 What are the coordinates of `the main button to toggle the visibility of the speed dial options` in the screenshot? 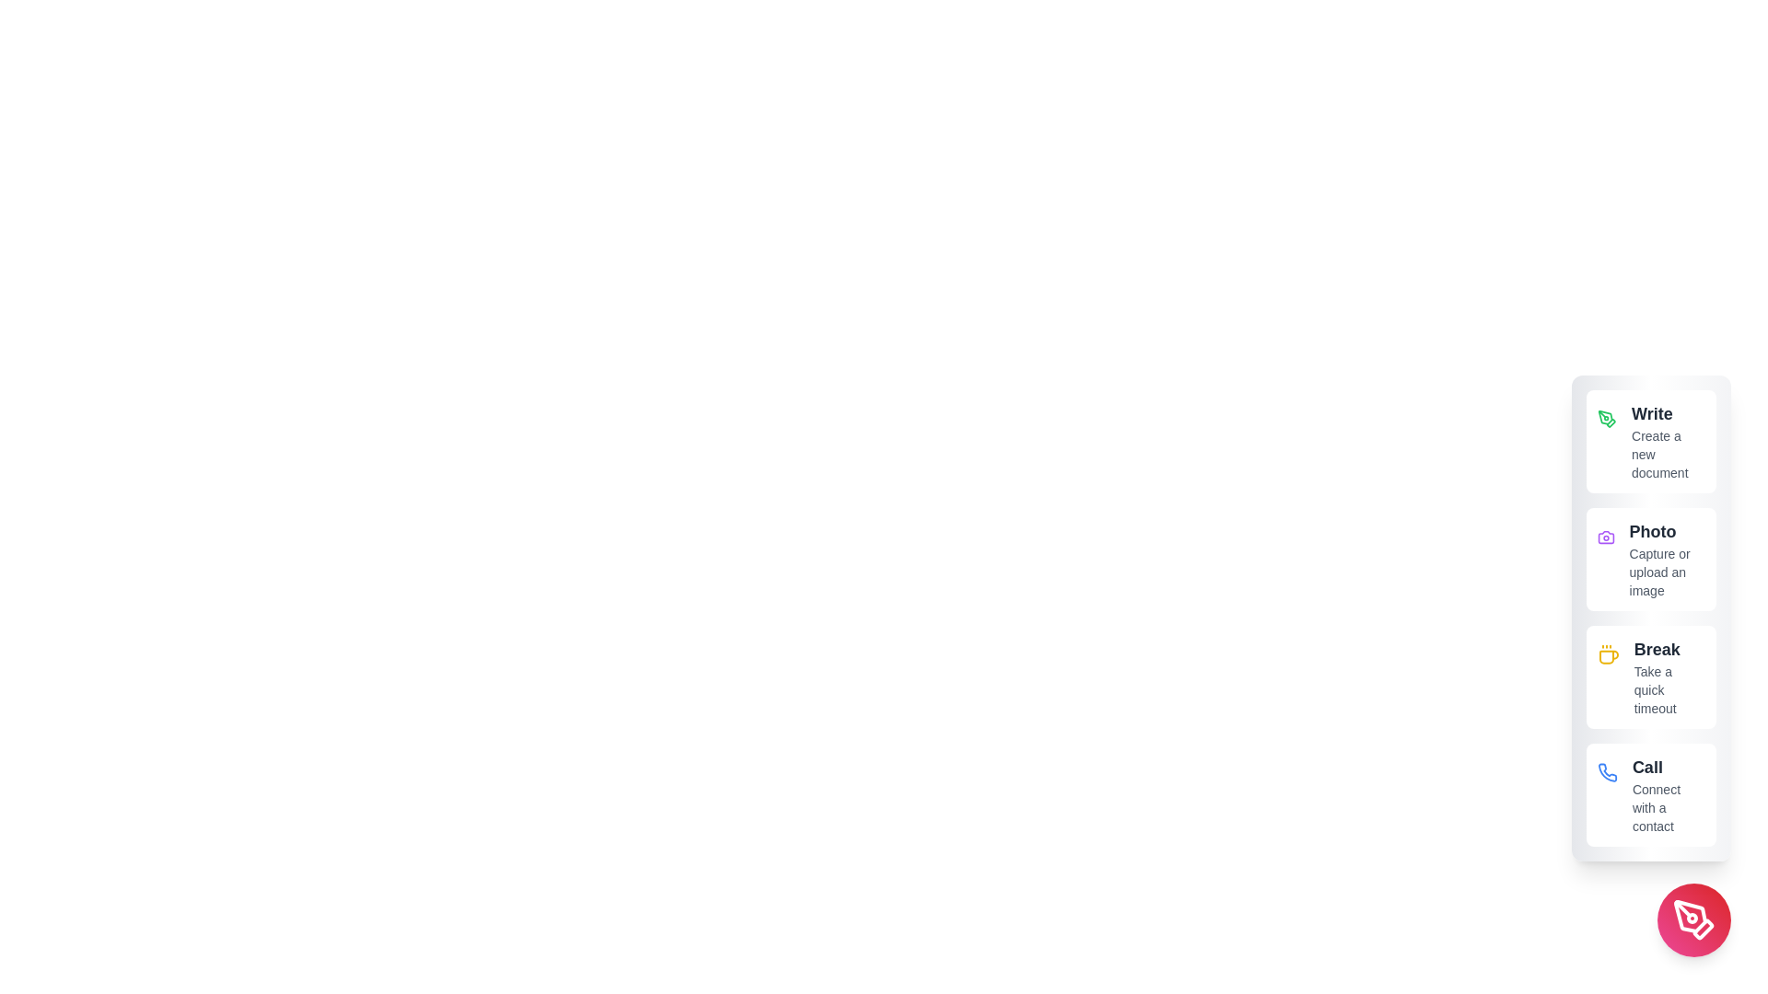 It's located at (1693, 919).